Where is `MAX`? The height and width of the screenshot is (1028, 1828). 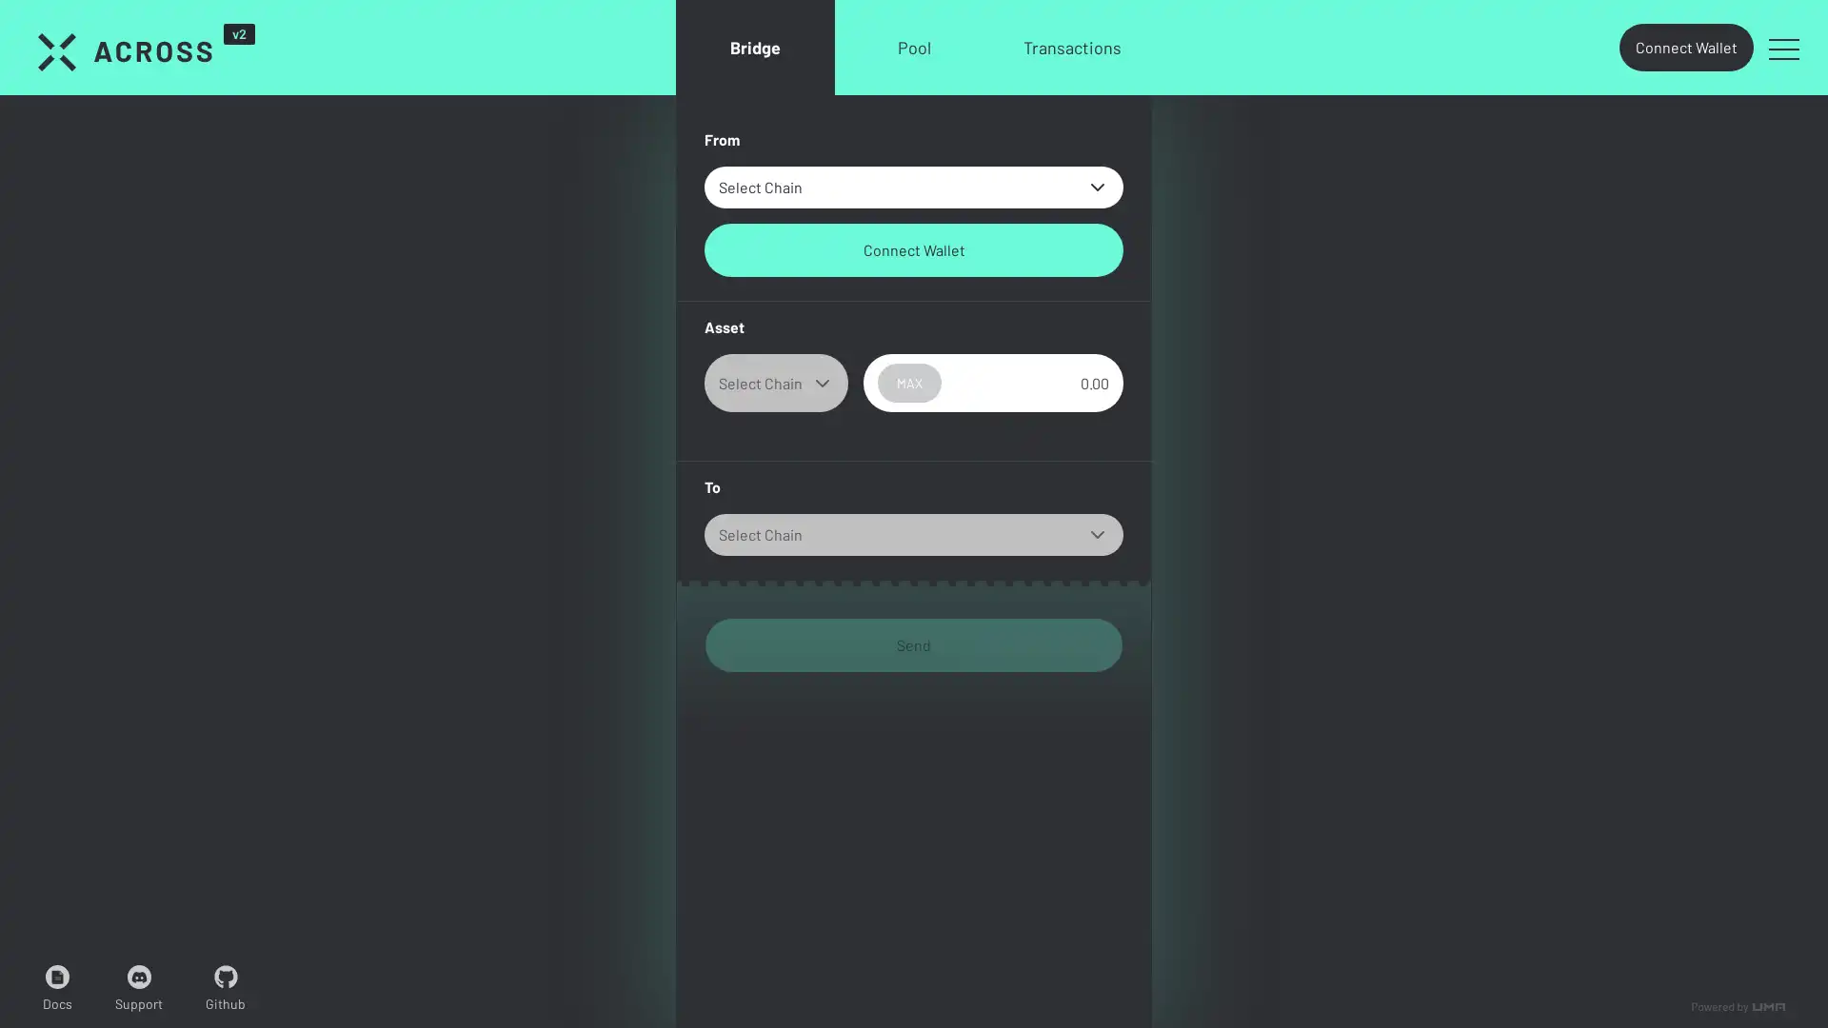
MAX is located at coordinates (908, 383).